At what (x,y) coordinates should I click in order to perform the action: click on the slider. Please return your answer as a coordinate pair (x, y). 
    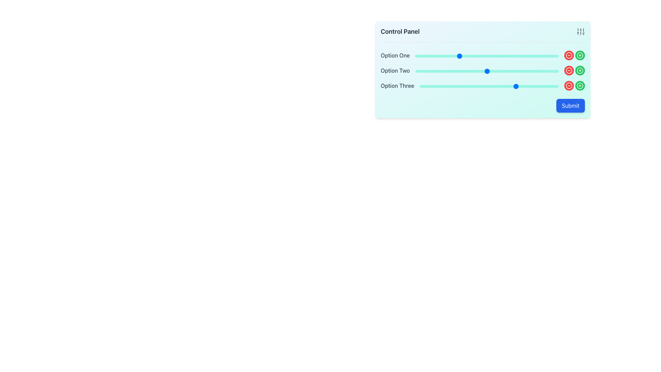
    Looking at the image, I should click on (433, 55).